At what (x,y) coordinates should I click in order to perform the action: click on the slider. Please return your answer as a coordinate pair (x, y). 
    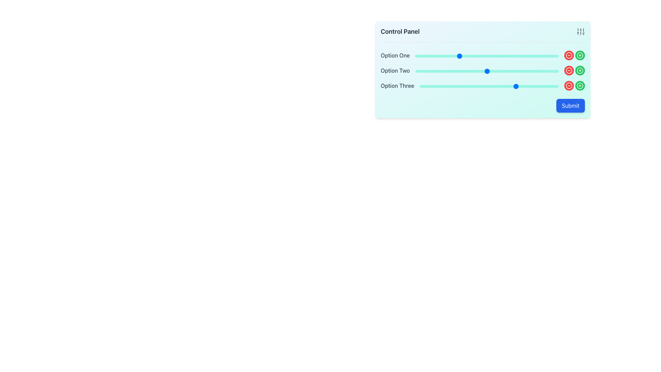
    Looking at the image, I should click on (433, 55).